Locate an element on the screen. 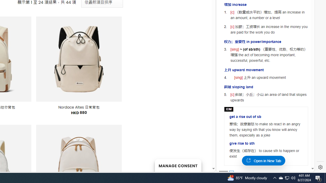 This screenshot has height=183, width=326. 'AutomationID: posbtn_1' is located at coordinates (231, 173).